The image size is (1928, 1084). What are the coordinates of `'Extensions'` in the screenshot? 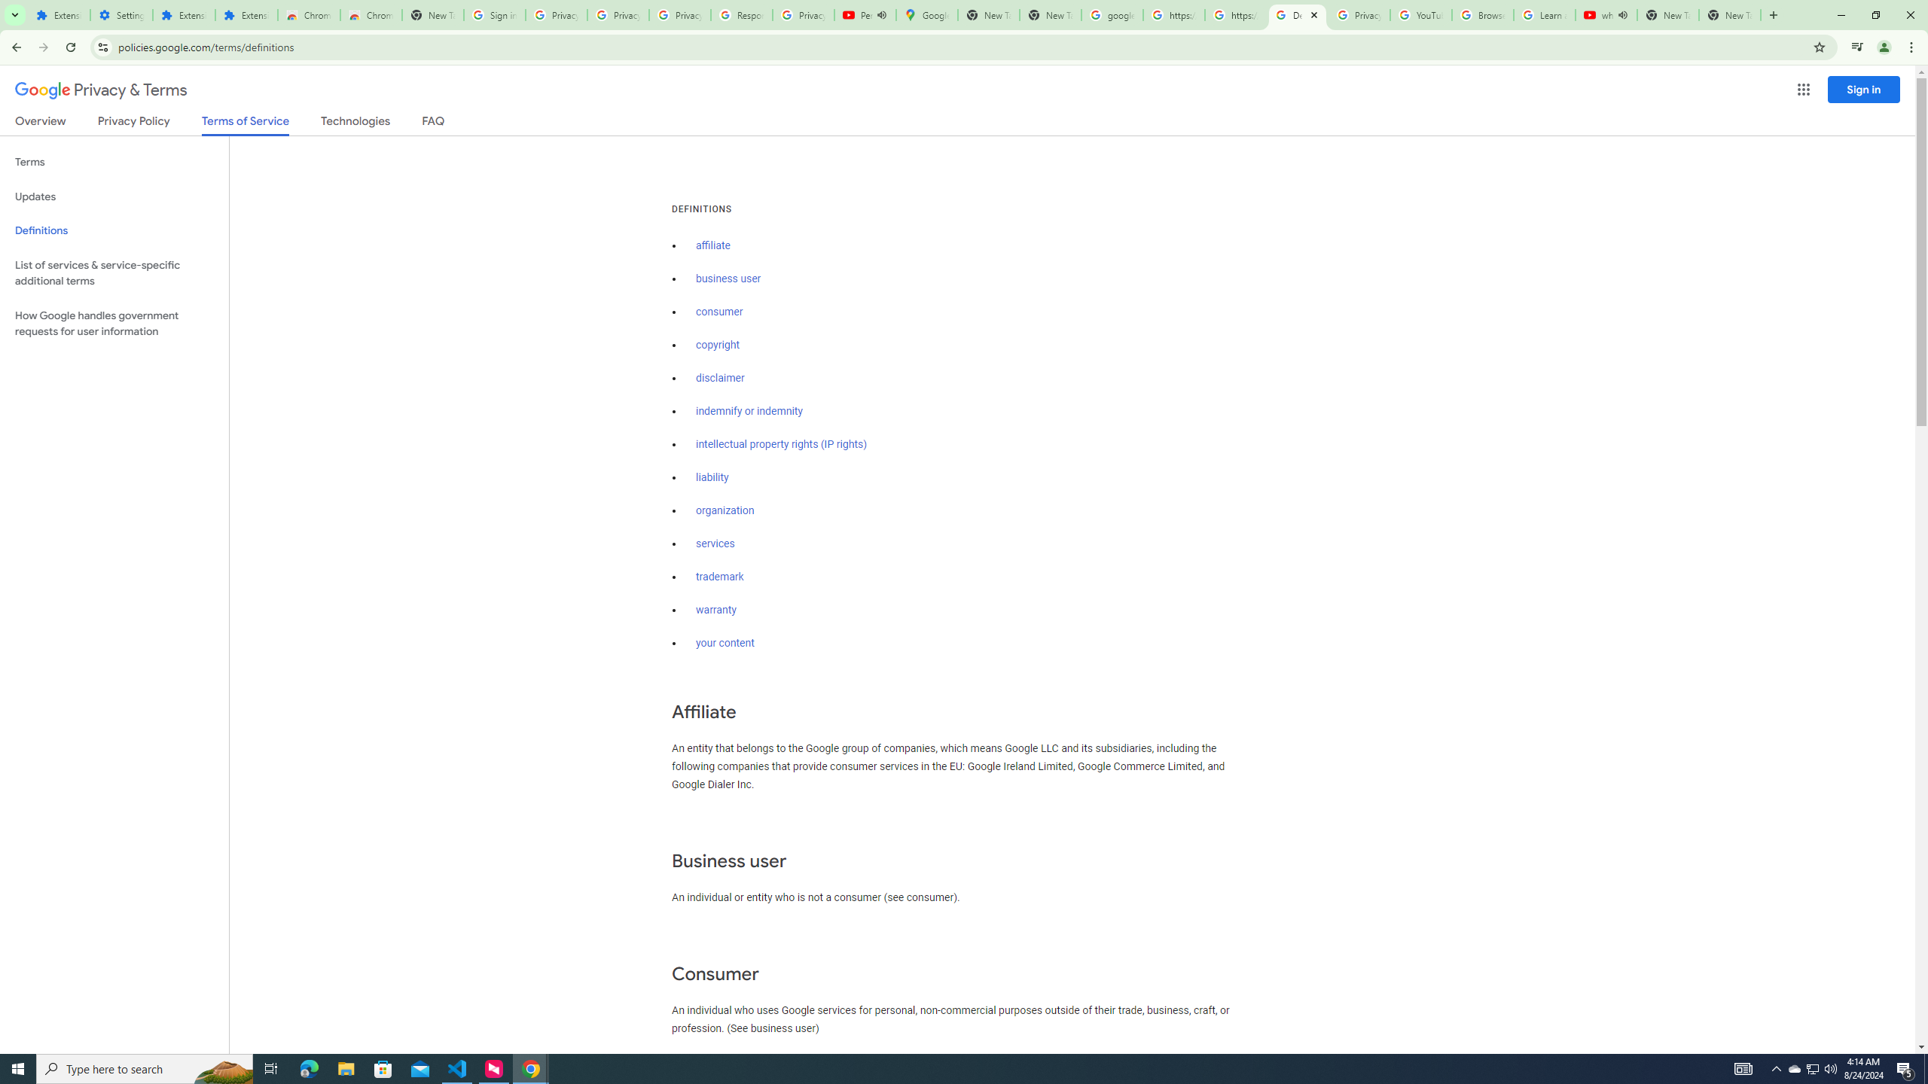 It's located at (58, 14).